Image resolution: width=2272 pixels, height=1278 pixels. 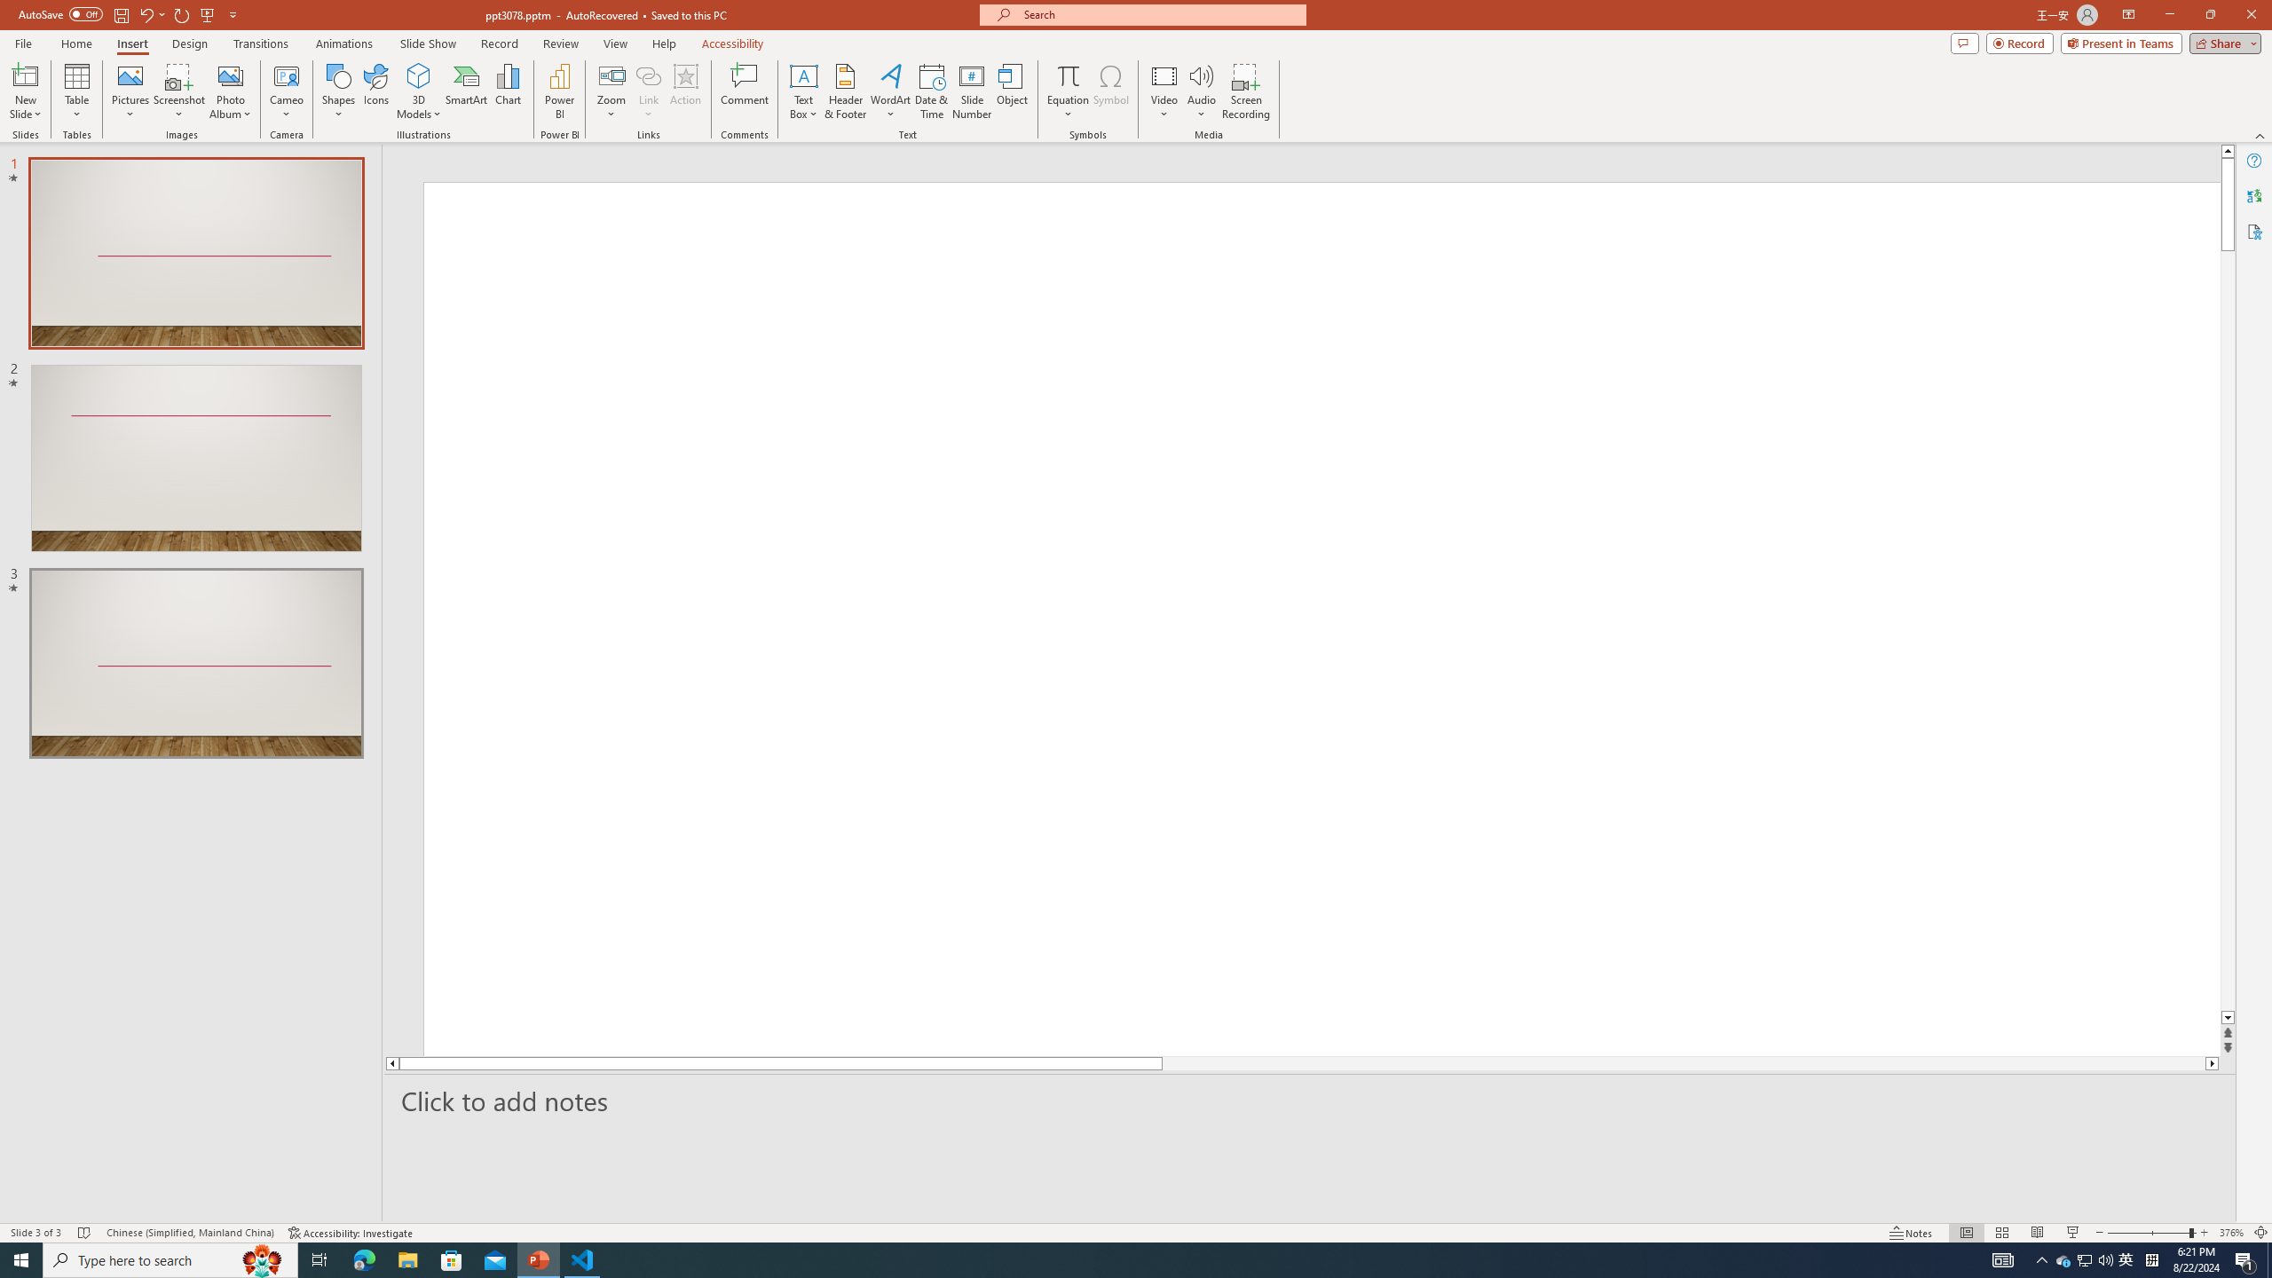 What do you see at coordinates (466, 91) in the screenshot?
I see `'SmartArt...'` at bounding box center [466, 91].